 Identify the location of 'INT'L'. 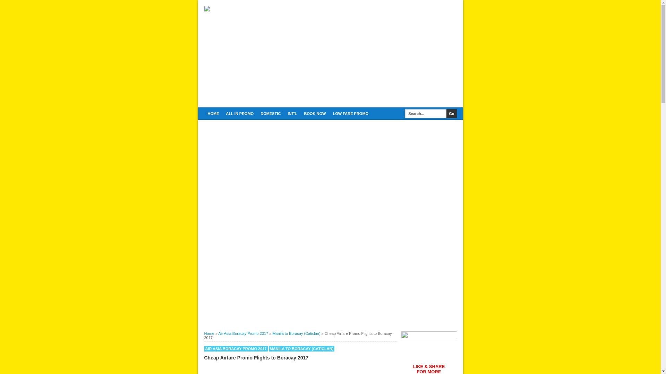
(292, 113).